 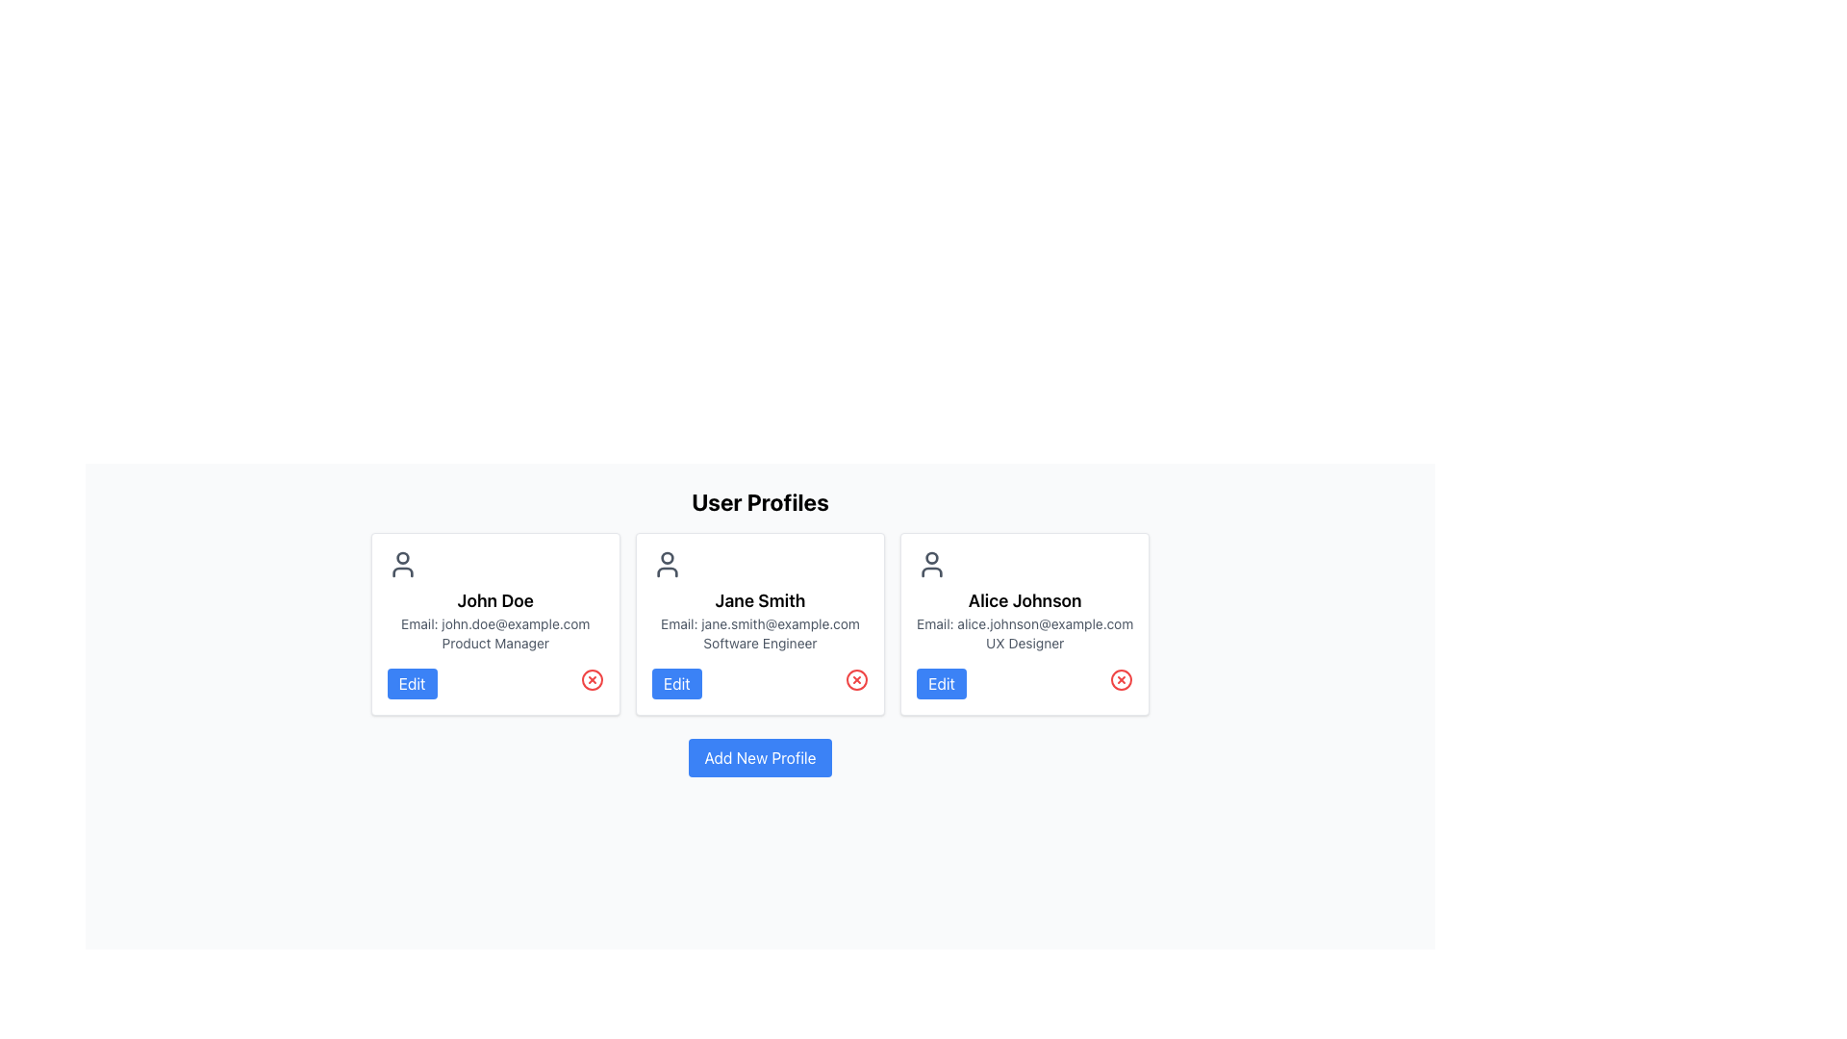 What do you see at coordinates (759, 682) in the screenshot?
I see `the 'Edit' button located on the left side of the row at the bottom section of Jane Smith's profile card to modify user details` at bounding box center [759, 682].